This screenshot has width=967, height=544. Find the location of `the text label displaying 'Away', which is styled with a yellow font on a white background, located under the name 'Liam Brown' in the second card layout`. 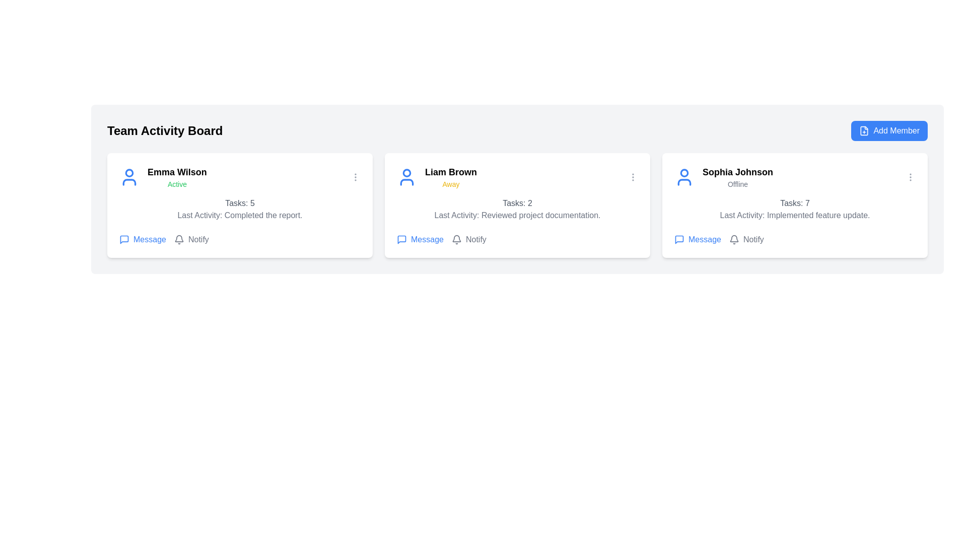

the text label displaying 'Away', which is styled with a yellow font on a white background, located under the name 'Liam Brown' in the second card layout is located at coordinates (450, 184).